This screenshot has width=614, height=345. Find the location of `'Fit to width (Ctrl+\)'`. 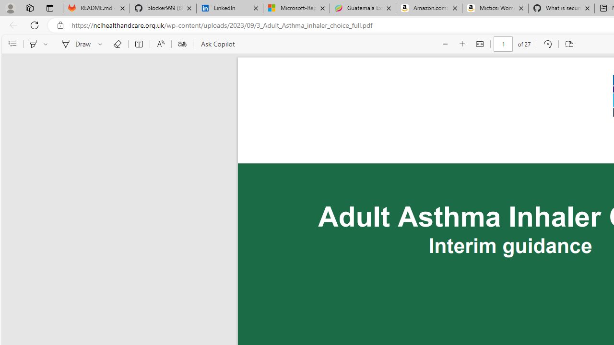

'Fit to width (Ctrl+\)' is located at coordinates (480, 44).